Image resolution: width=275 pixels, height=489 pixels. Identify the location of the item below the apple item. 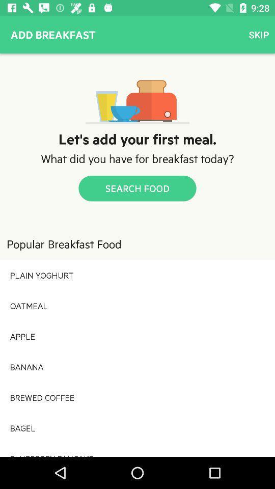
(137, 367).